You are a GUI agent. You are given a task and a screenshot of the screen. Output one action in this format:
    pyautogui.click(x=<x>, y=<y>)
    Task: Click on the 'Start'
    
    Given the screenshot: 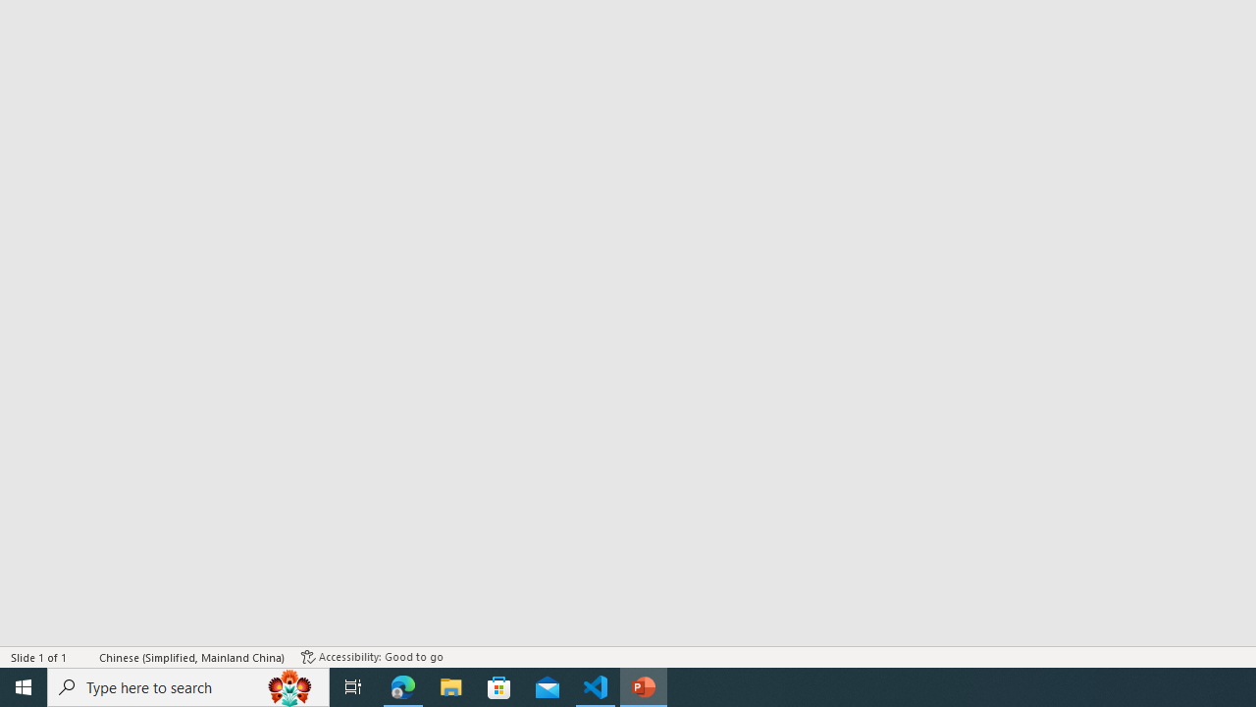 What is the action you would take?
    pyautogui.click(x=24, y=685)
    